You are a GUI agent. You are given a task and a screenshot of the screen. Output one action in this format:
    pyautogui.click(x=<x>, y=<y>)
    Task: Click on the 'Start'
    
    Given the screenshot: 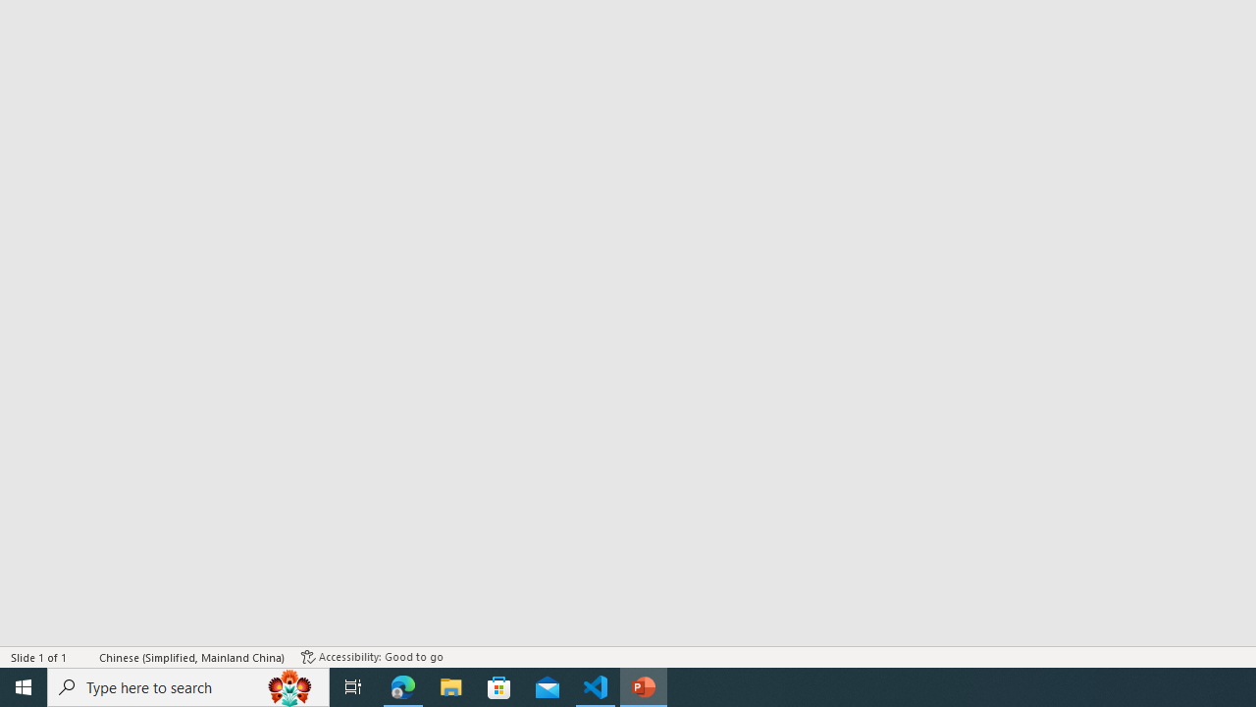 What is the action you would take?
    pyautogui.click(x=24, y=685)
    